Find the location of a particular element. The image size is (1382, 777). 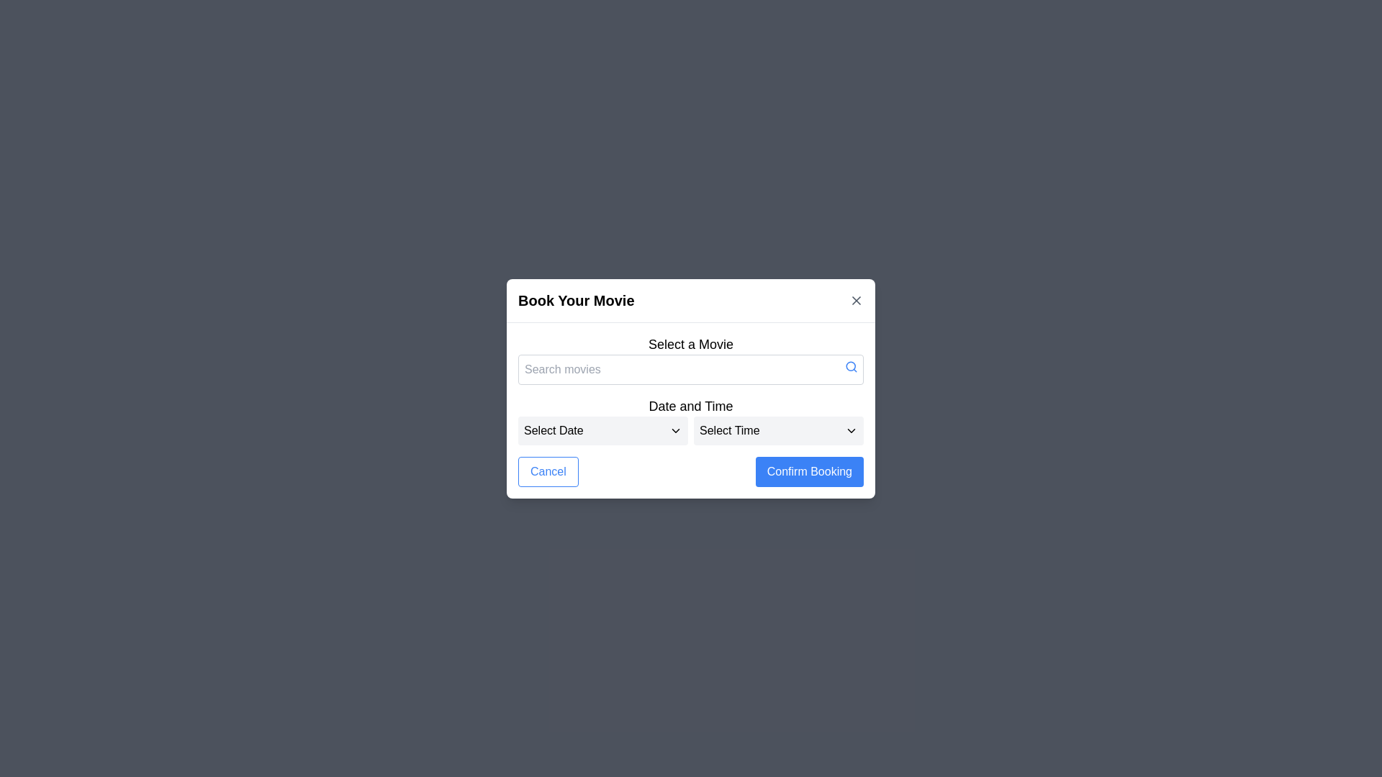

the 'Confirm Booking' button located on the right side of the 'Cancel' button in the 'Book Your Movie' modal to observe the hover effect is located at coordinates (809, 471).